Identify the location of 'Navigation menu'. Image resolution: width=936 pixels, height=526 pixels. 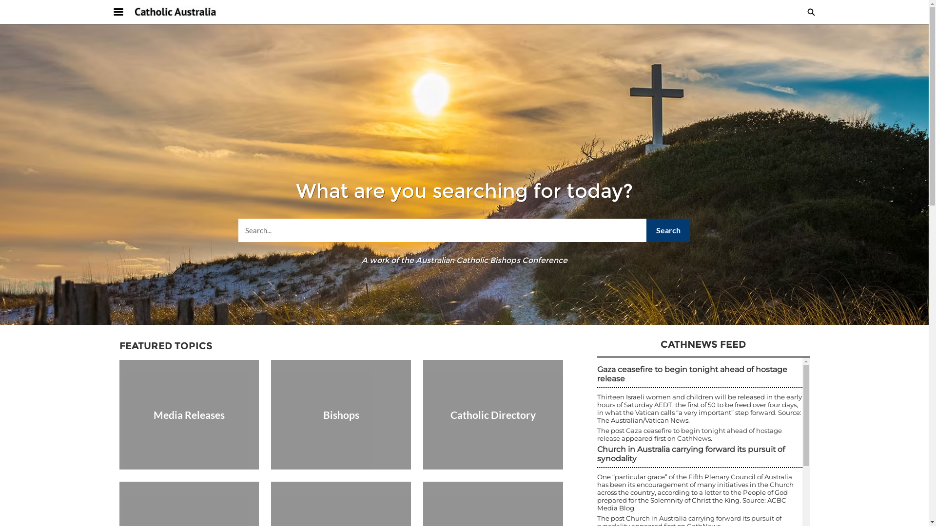
(113, 12).